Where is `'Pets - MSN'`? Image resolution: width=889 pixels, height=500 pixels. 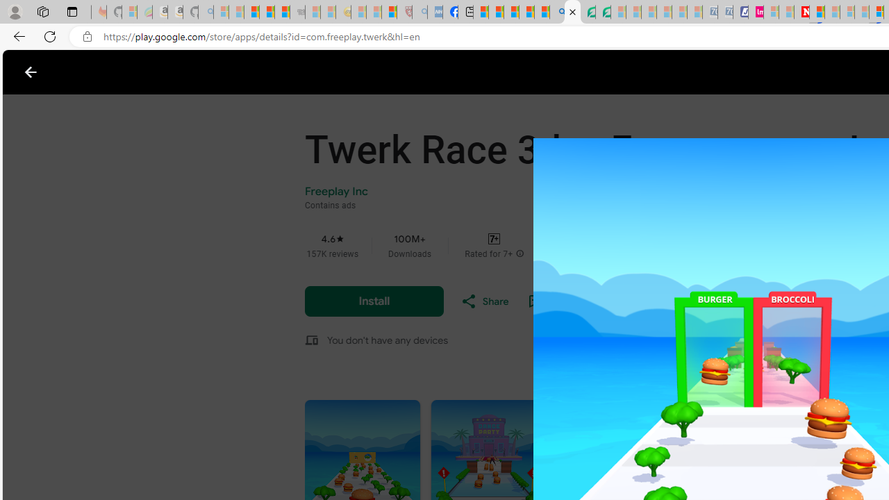 'Pets - MSN' is located at coordinates (526, 12).